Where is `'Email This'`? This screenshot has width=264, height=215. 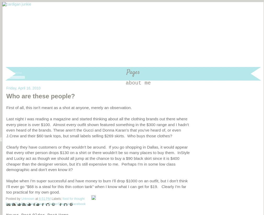
'Email This' is located at coordinates (5, 203).